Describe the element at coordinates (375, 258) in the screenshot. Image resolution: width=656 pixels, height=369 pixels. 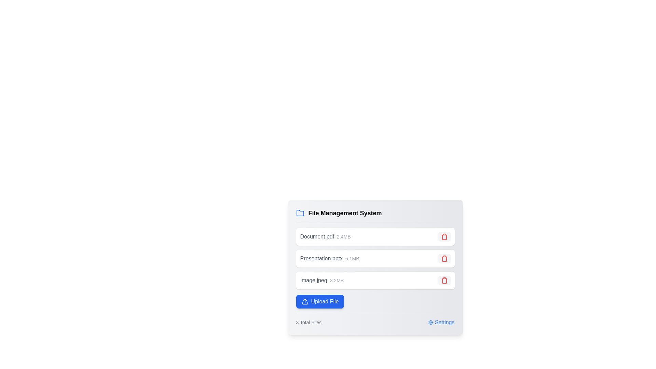
I see `the file entry row displaying 'Presentation.pptx'` at that location.